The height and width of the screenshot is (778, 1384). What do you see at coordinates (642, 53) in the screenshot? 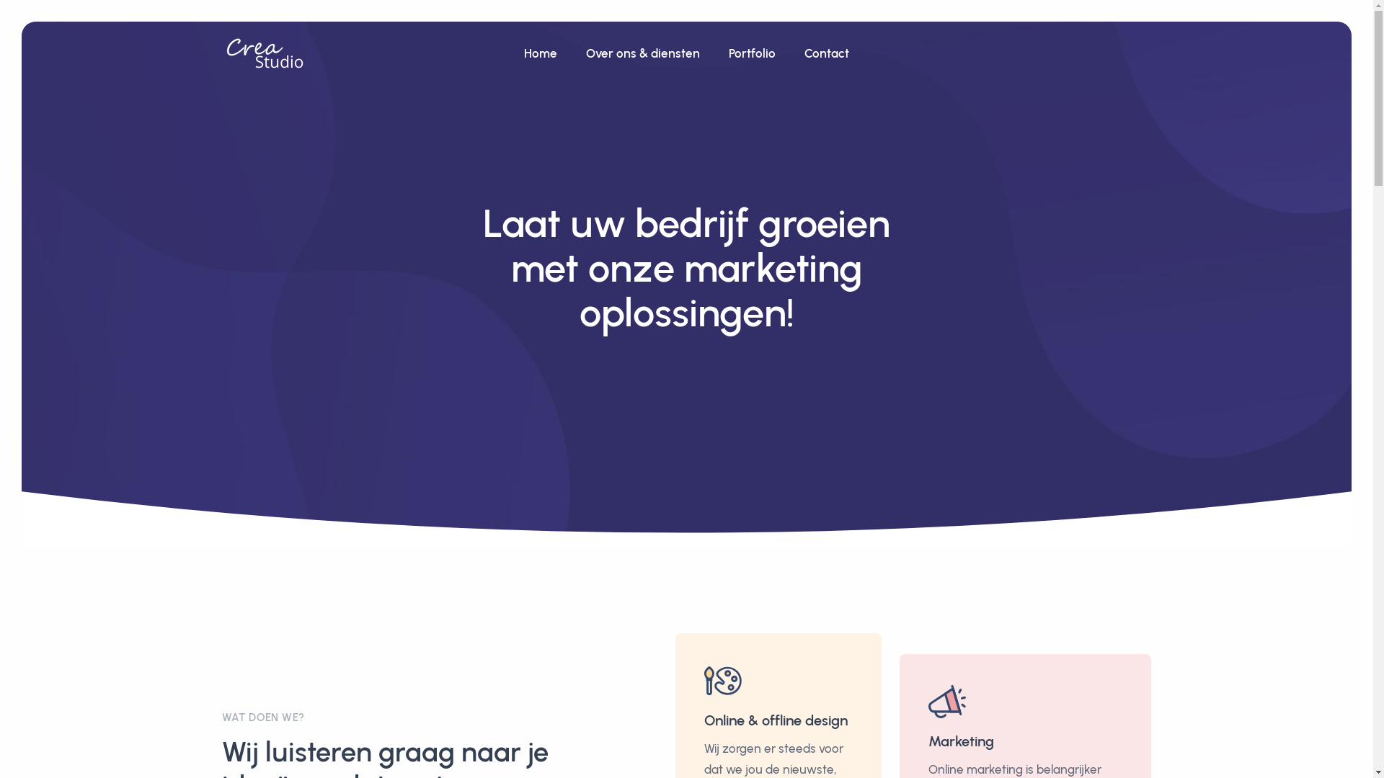
I see `'Over ons & diensten'` at bounding box center [642, 53].